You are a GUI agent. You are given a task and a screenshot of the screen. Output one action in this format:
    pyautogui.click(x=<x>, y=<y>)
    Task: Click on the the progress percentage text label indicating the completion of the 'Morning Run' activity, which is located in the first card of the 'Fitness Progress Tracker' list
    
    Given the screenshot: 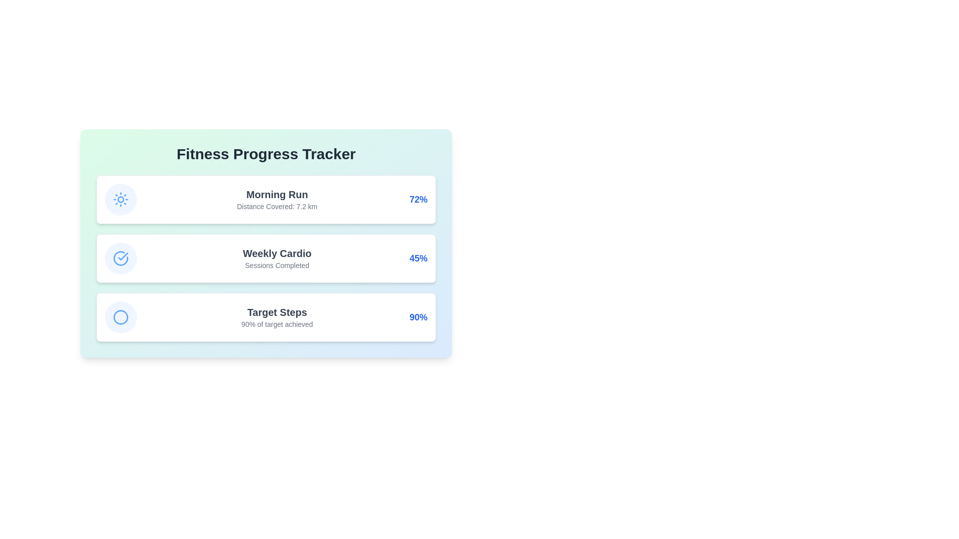 What is the action you would take?
    pyautogui.click(x=418, y=200)
    